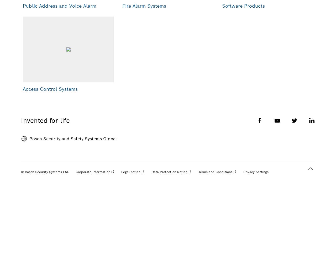  I want to click on 'Corporate information', so click(93, 172).